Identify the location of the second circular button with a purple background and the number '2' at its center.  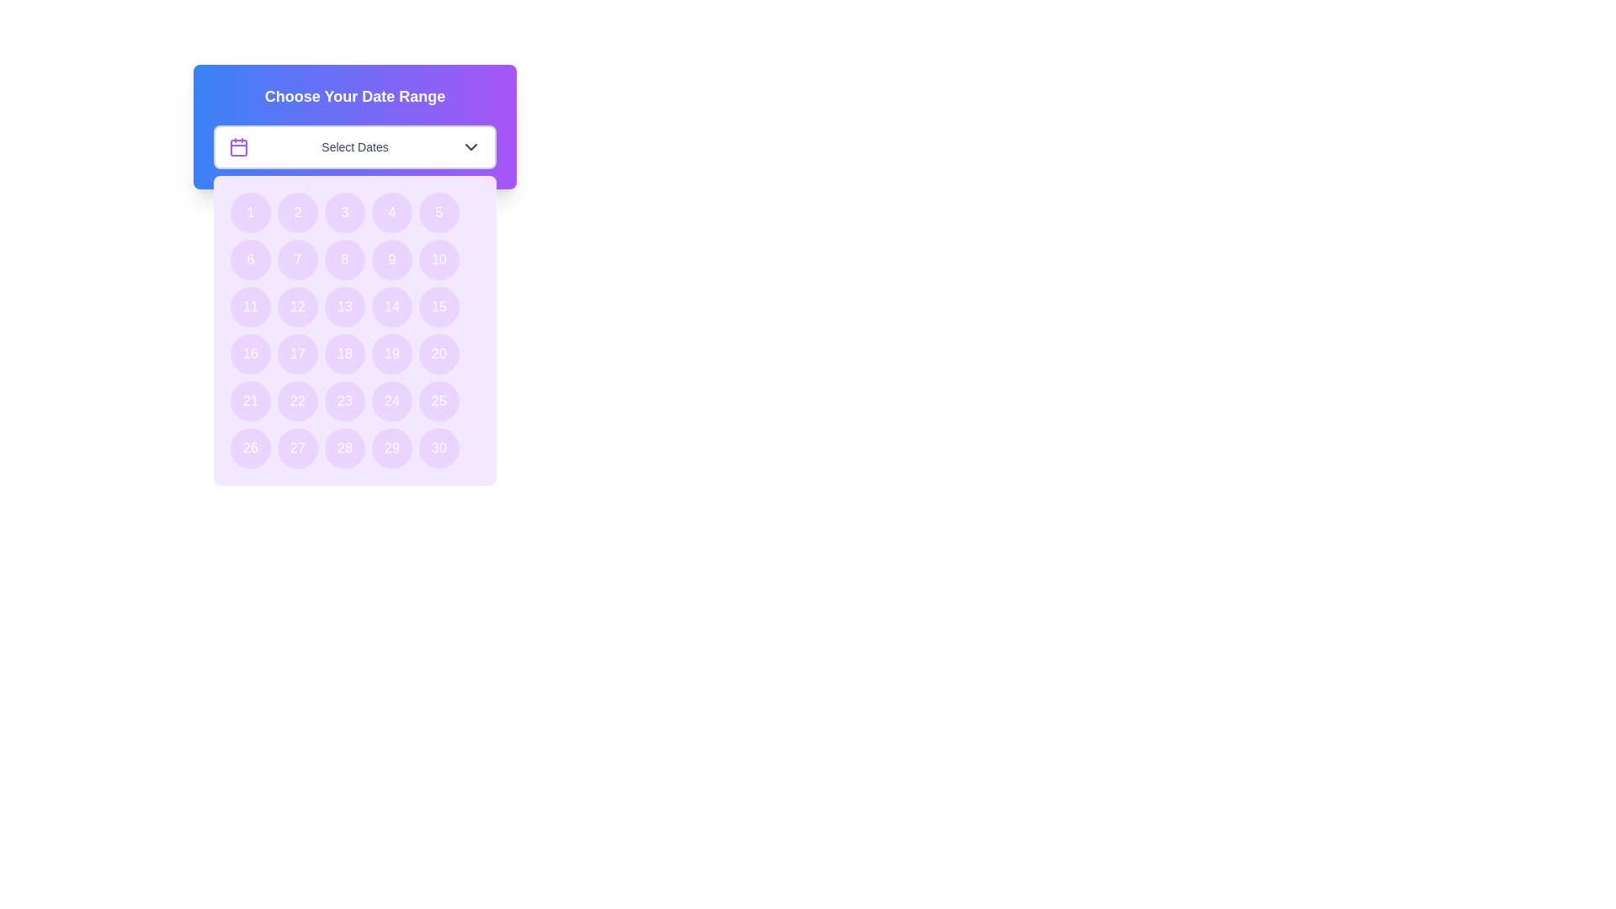
(298, 212).